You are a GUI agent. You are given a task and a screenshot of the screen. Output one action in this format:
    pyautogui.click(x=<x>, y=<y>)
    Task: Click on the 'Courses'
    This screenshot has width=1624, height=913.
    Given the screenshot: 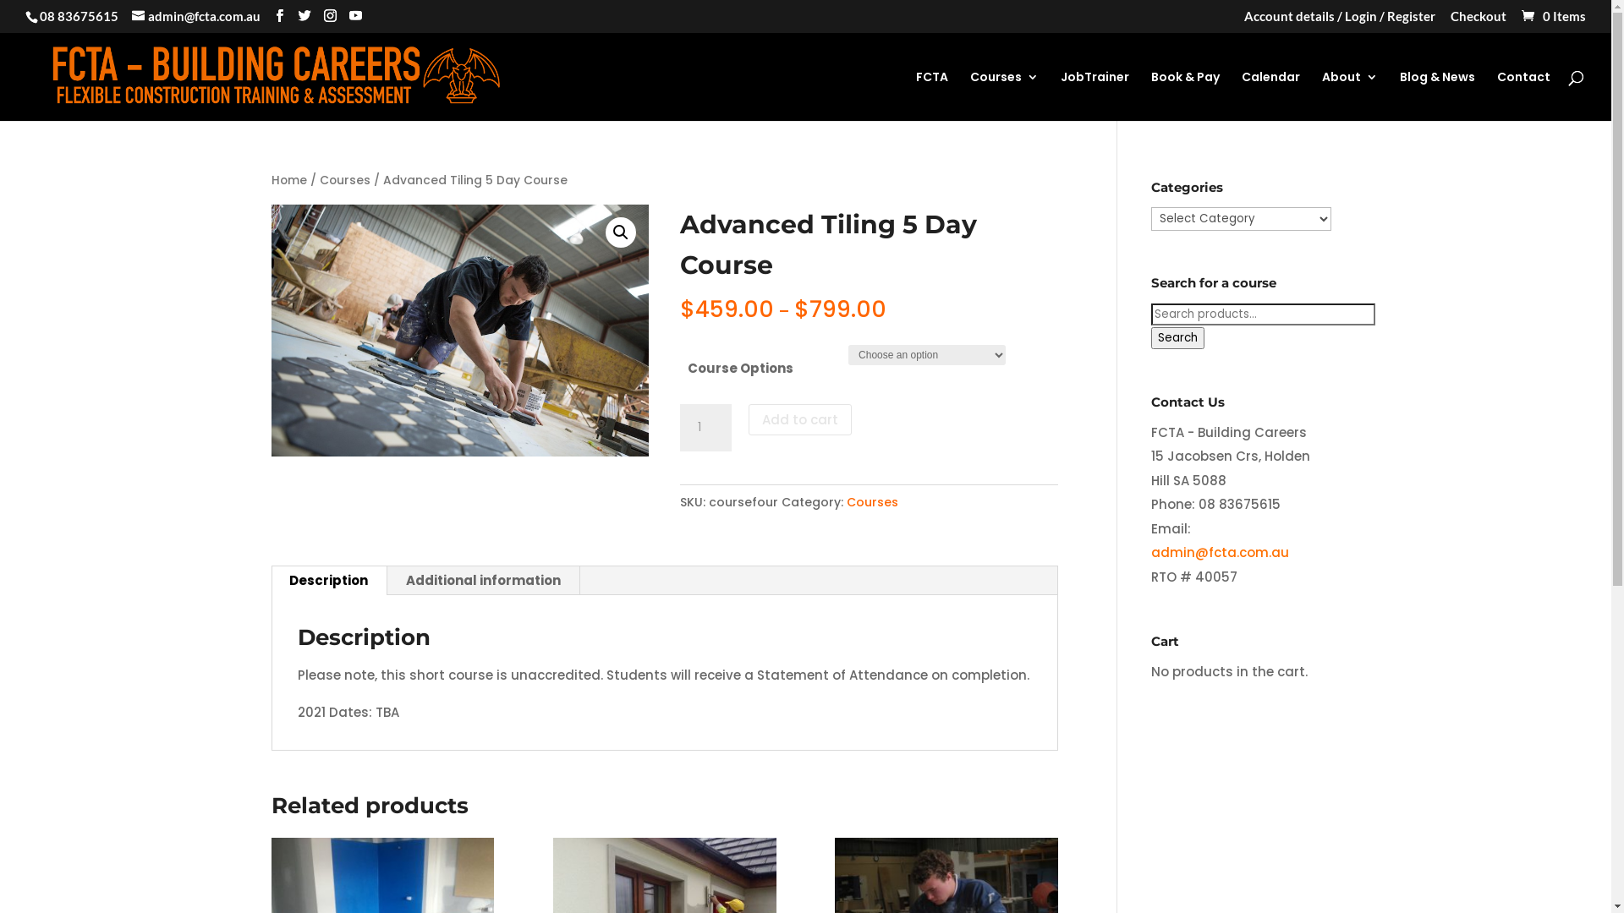 What is the action you would take?
    pyautogui.click(x=344, y=180)
    